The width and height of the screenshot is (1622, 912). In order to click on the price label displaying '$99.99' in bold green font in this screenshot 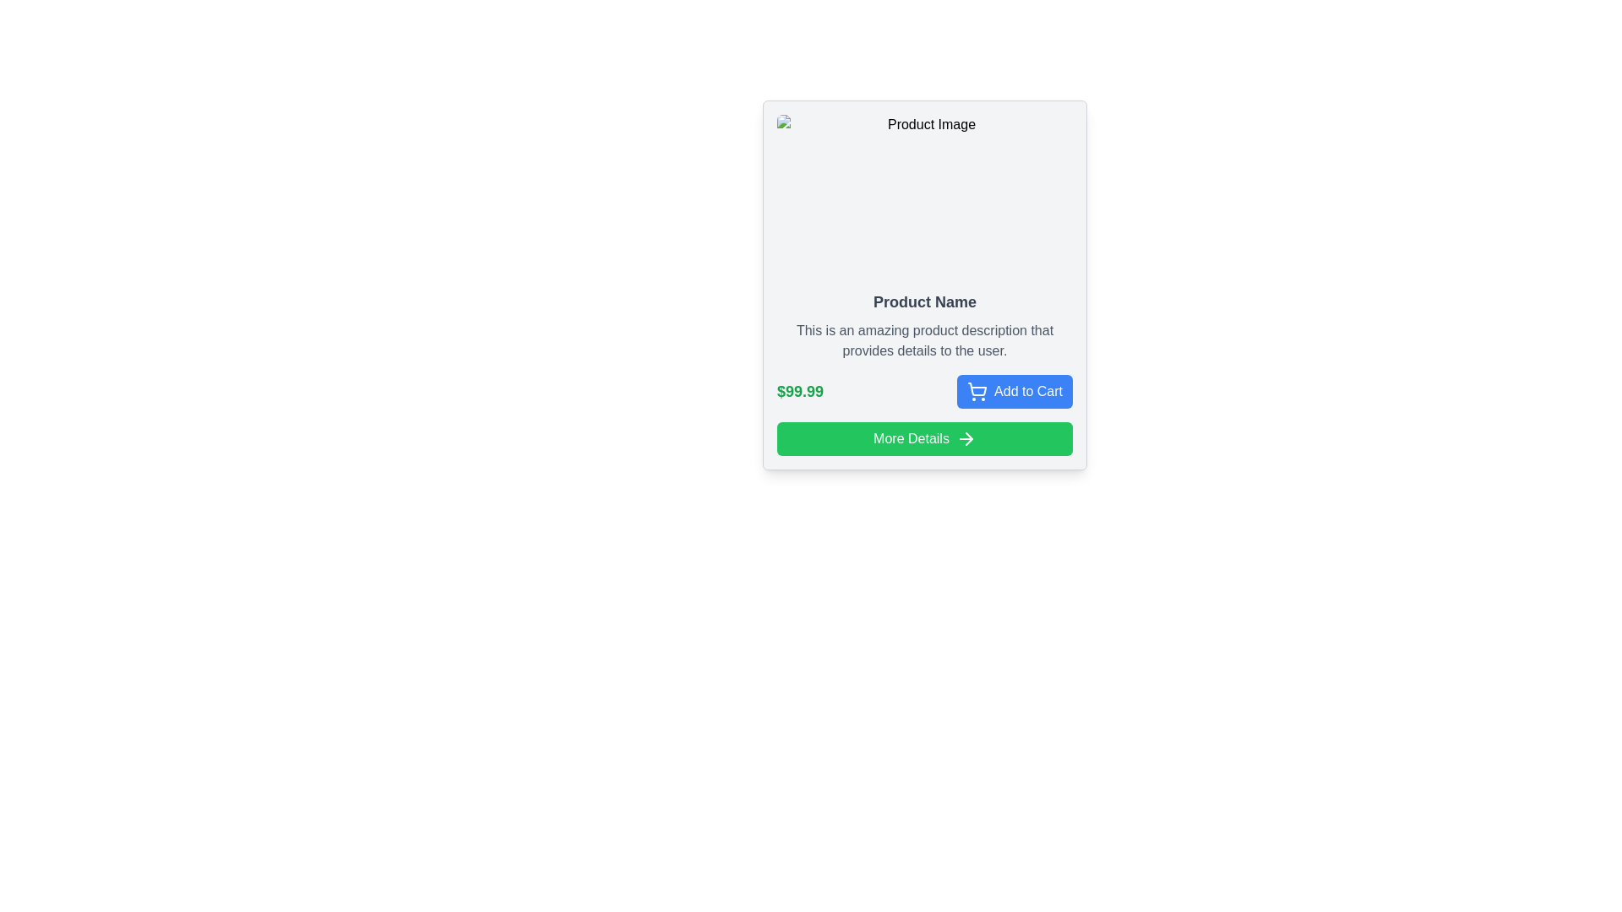, I will do `click(799, 391)`.